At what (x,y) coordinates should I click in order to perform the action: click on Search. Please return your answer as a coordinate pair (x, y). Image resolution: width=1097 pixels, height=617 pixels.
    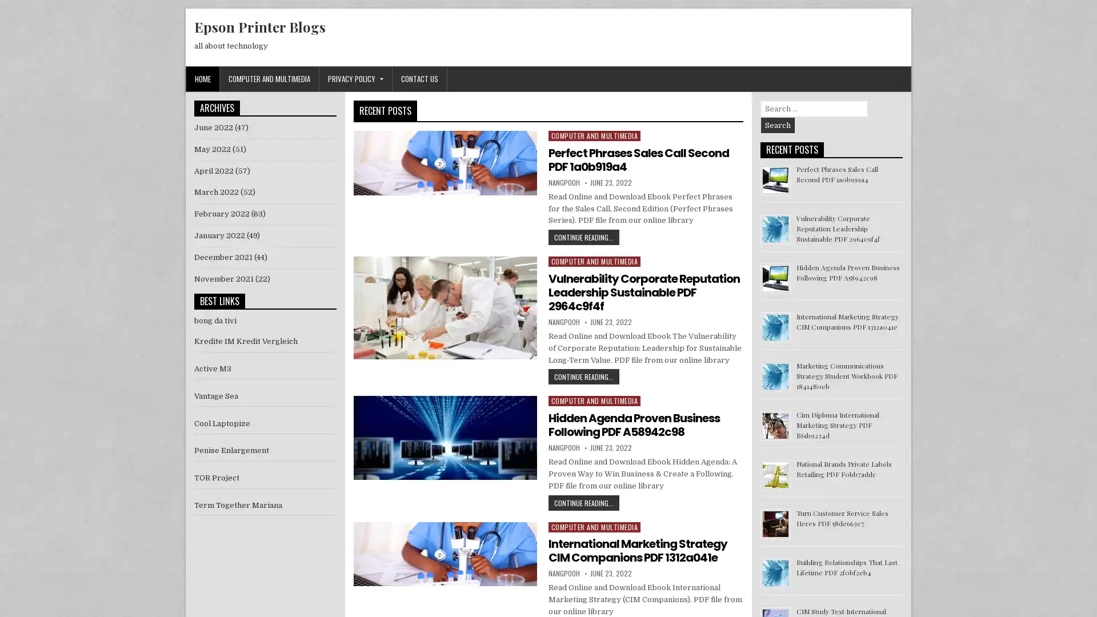
    Looking at the image, I should click on (777, 125).